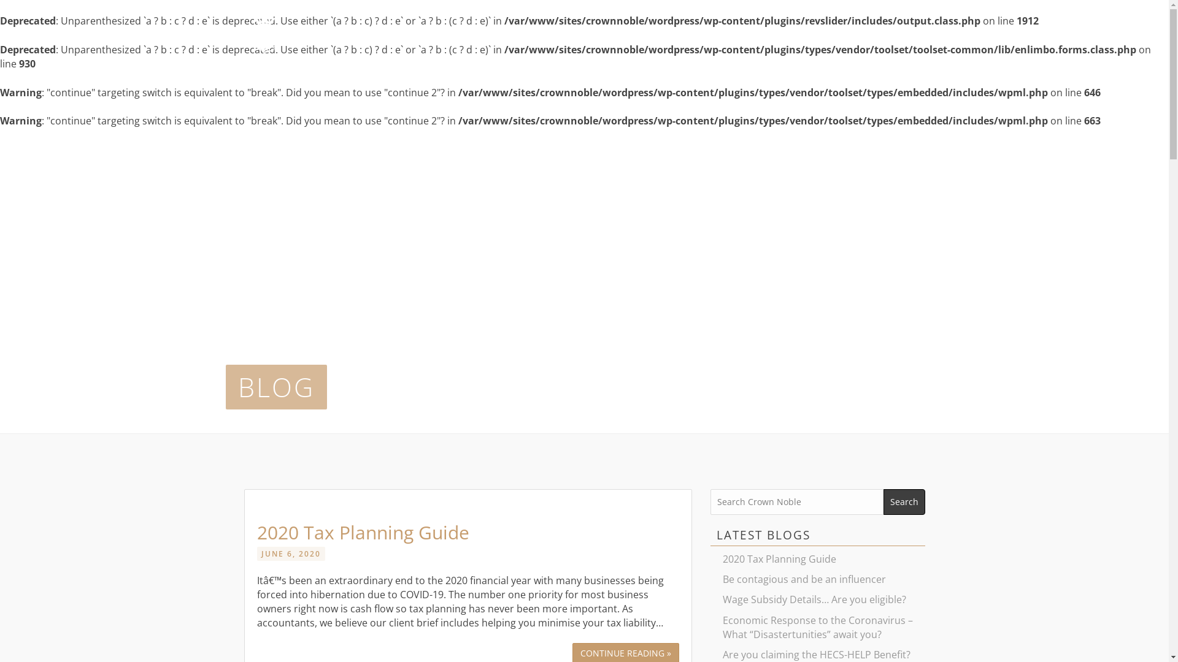  I want to click on 'CONTACT', so click(901, 40).